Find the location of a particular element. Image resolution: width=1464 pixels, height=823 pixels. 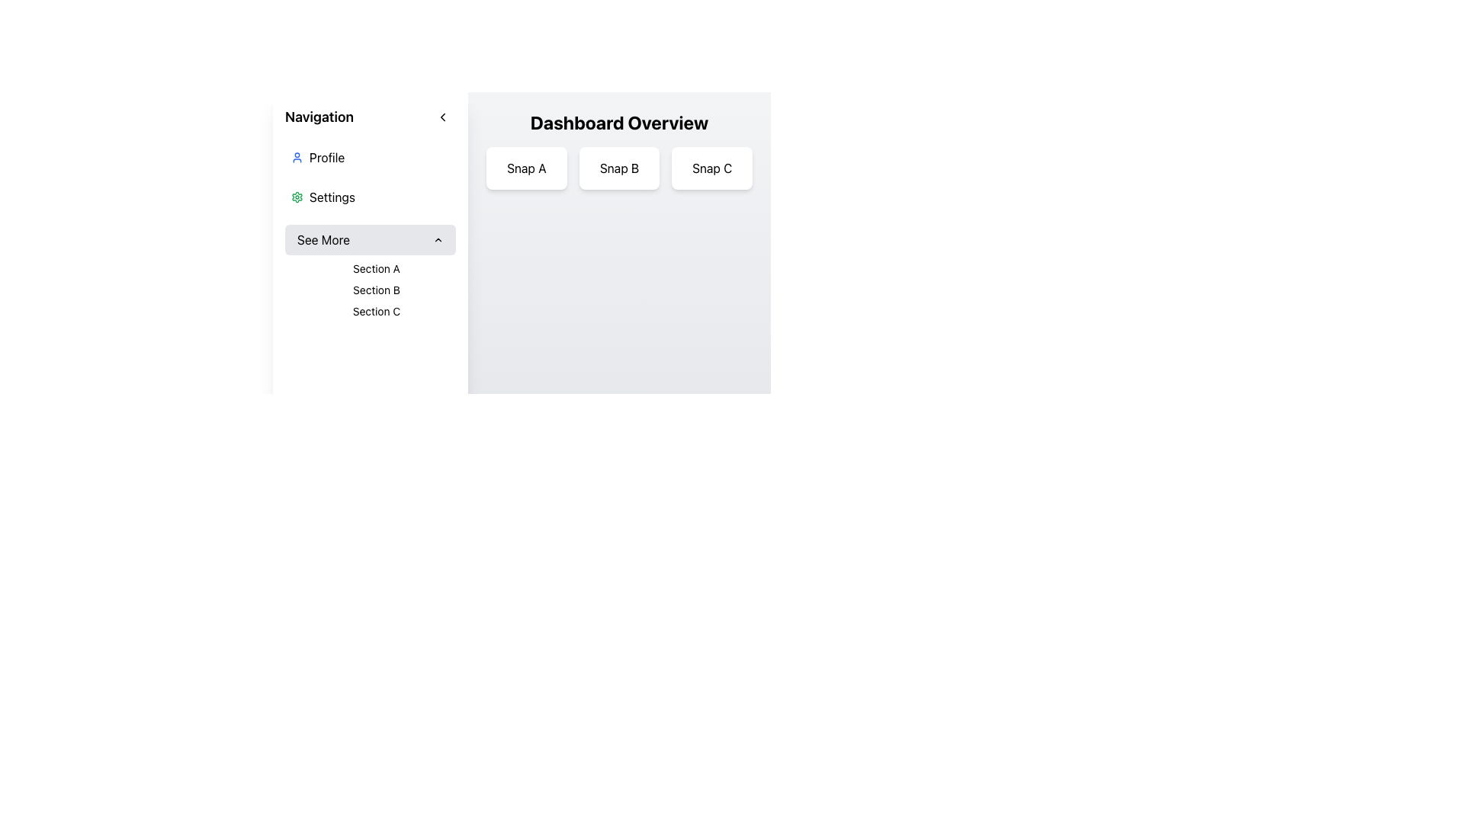

the leftward-pointing chevron icon located in the top right corner of the navigation sidebar, which is styled with a hollow outline and is centered in a circular button is located at coordinates (441, 117).